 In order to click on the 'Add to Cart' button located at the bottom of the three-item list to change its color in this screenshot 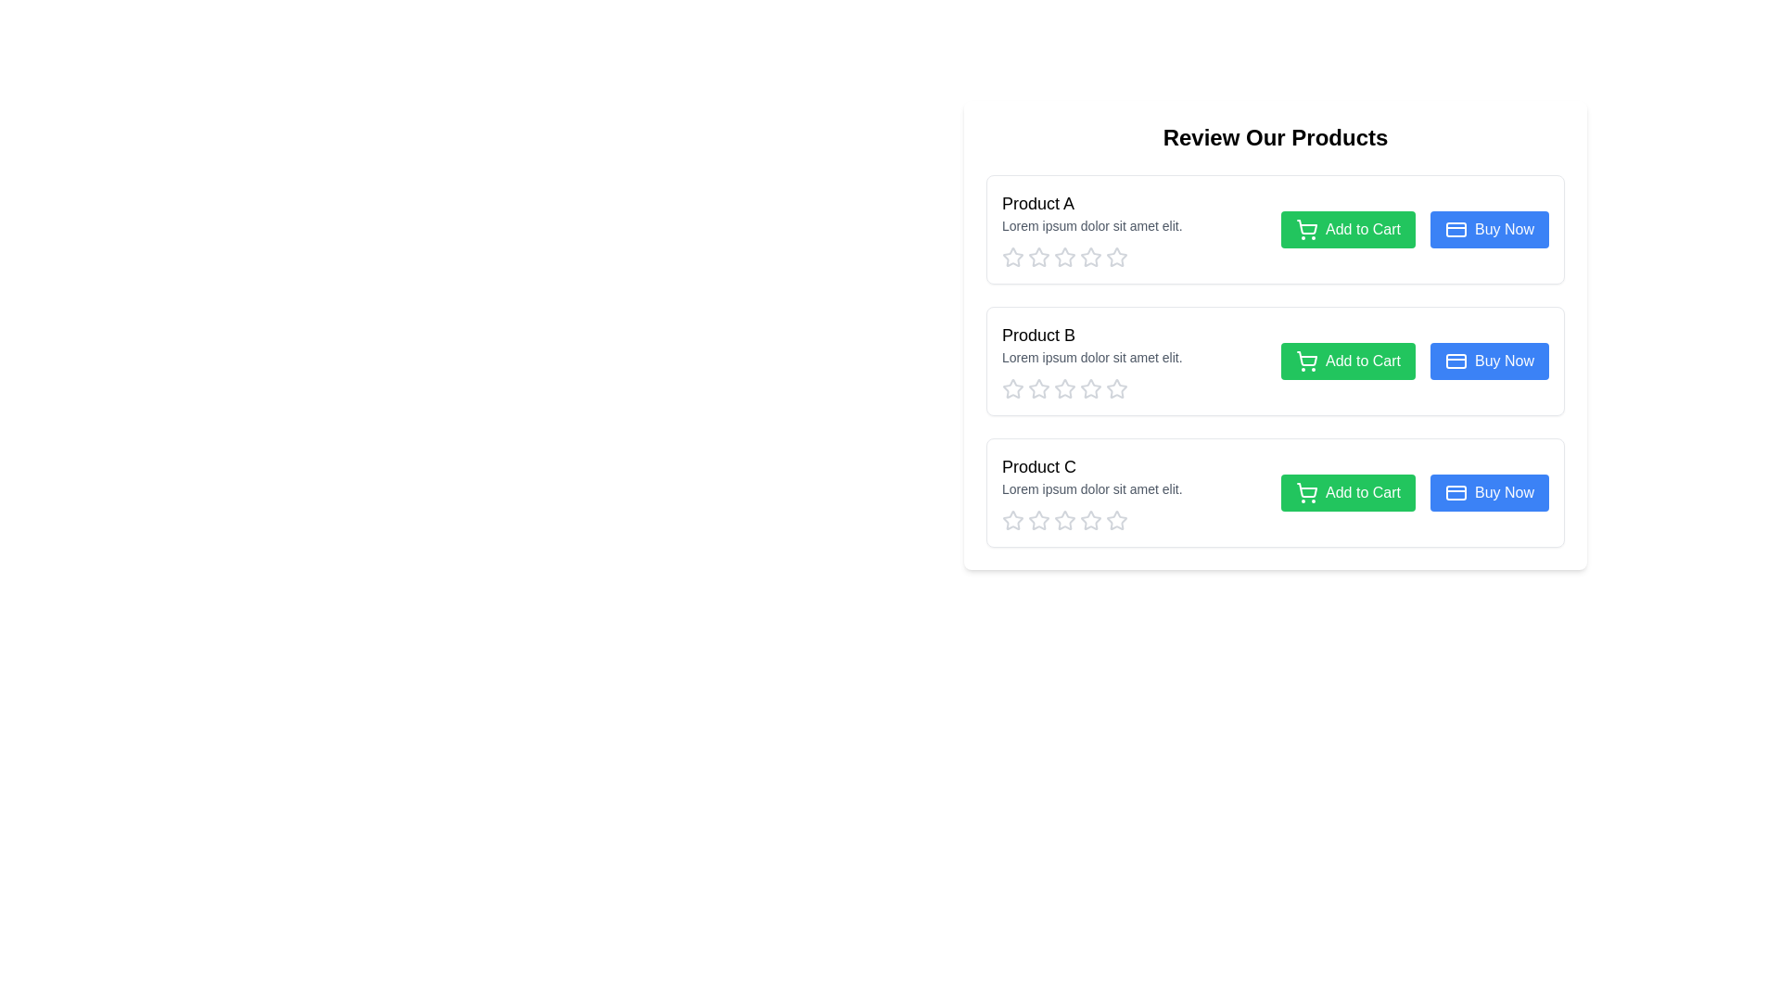, I will do `click(1348, 492)`.